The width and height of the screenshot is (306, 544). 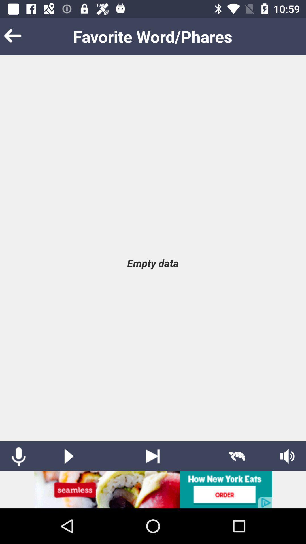 I want to click on the microphone icon, so click(x=18, y=456).